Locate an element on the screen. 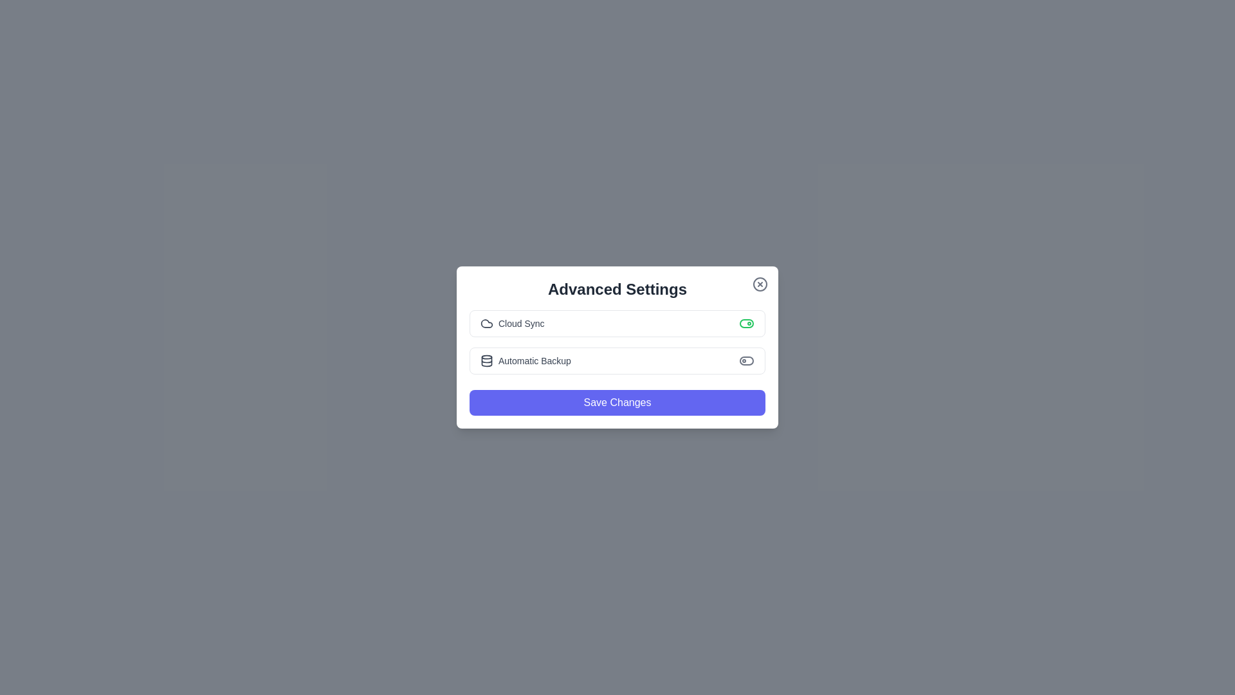 The width and height of the screenshot is (1235, 695). text label that displays 'Advanced Settings', which is styled in bold, large font and dark gray color, located at the top of the modal dialog box is located at coordinates (617, 290).